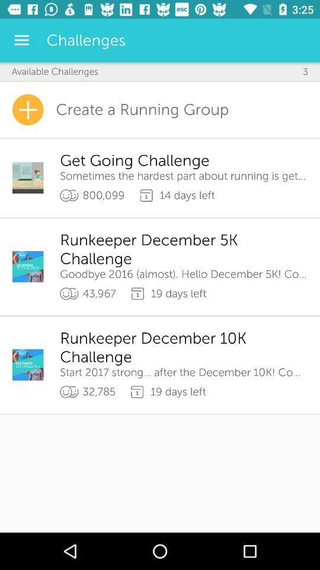 This screenshot has width=320, height=570. Describe the element at coordinates (21, 40) in the screenshot. I see `icon to the left of challenges` at that location.